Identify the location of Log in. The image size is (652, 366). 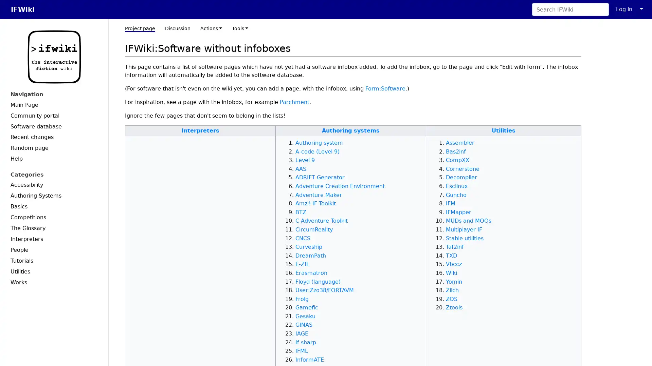
(624, 9).